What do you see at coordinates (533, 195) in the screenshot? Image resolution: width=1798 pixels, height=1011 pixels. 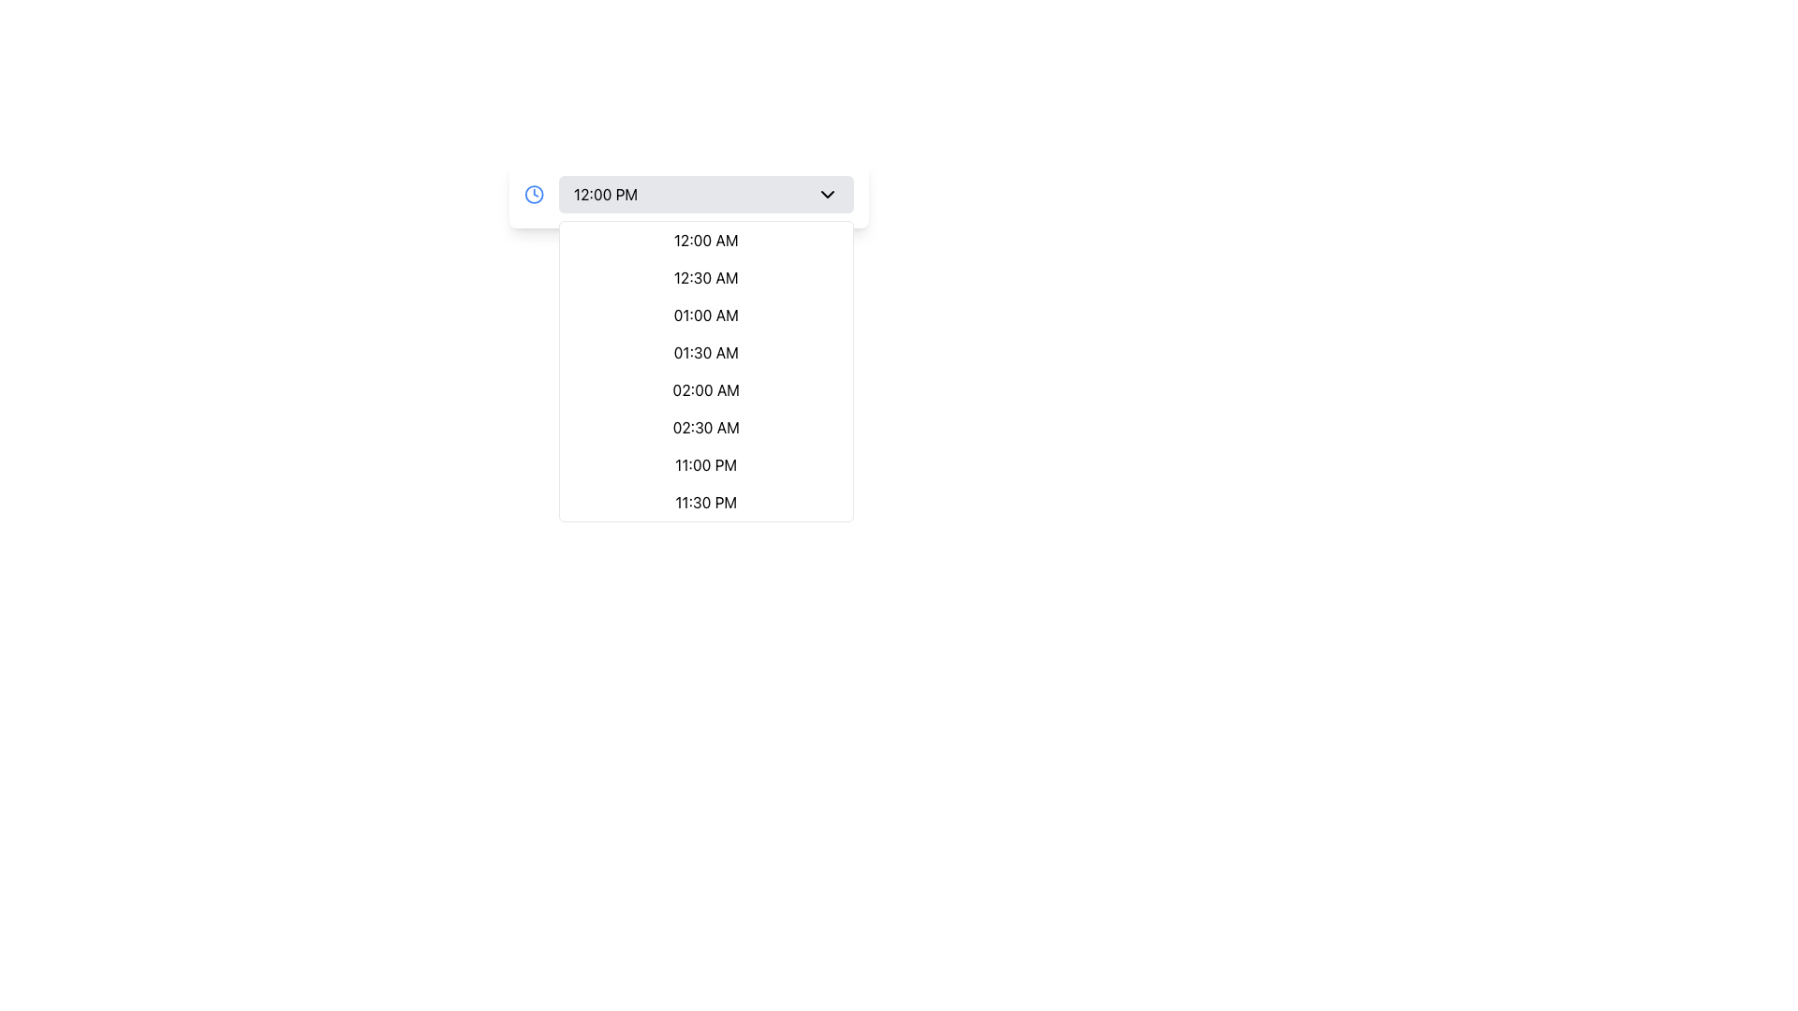 I see `the circular SVG graphical element with a blue outline located at the center of the clock icon, which is positioned to the left of the '12:00 PM' dropdown menu` at bounding box center [533, 195].